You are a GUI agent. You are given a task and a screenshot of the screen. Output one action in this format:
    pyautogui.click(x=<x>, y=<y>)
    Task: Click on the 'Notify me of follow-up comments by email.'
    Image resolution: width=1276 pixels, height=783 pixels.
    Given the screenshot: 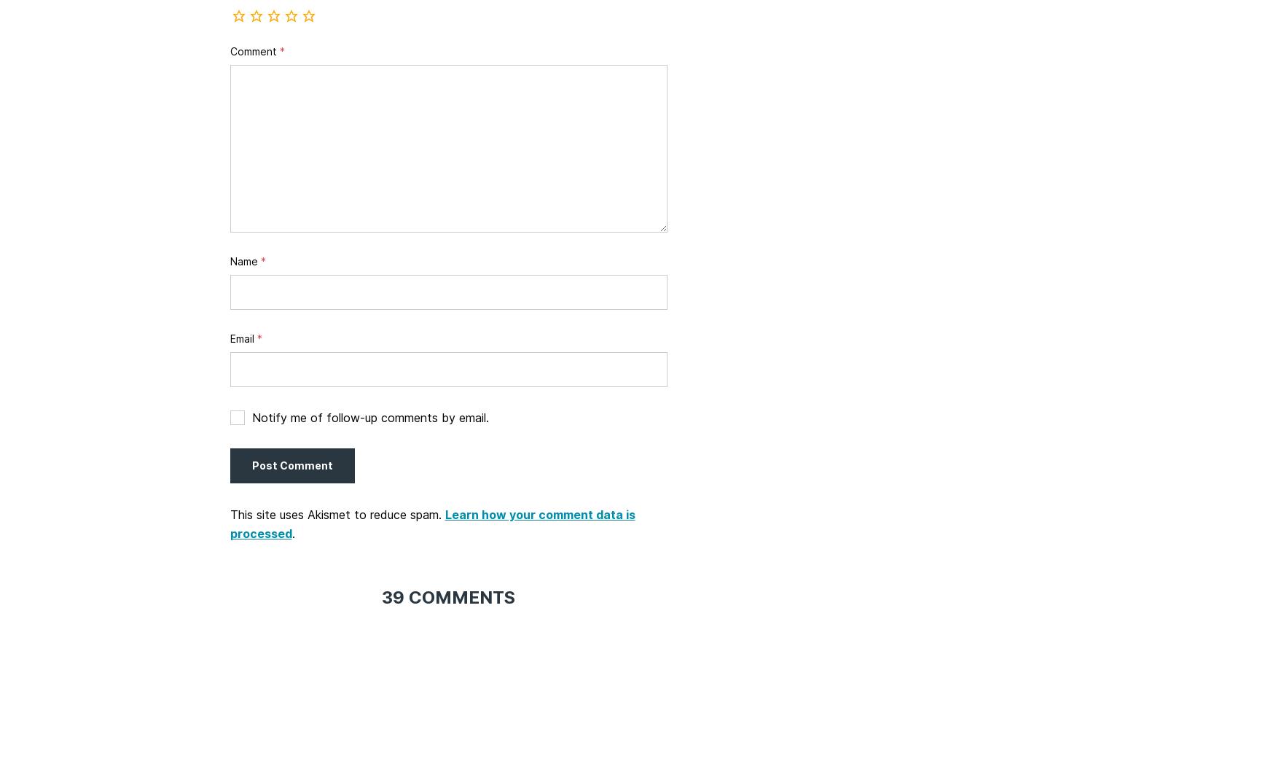 What is the action you would take?
    pyautogui.click(x=250, y=416)
    